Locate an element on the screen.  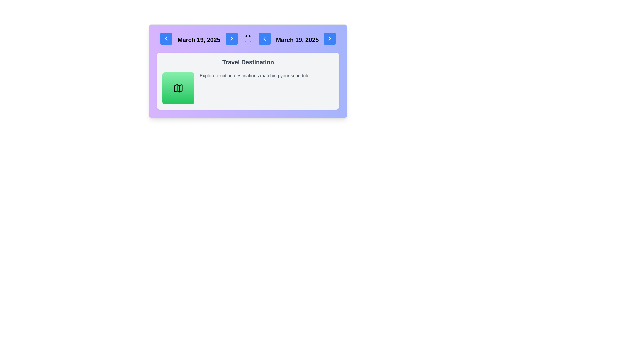
the navigation button located in the top section of the interface, aligned to the right of 'March 19, 2025' is located at coordinates (231, 38).